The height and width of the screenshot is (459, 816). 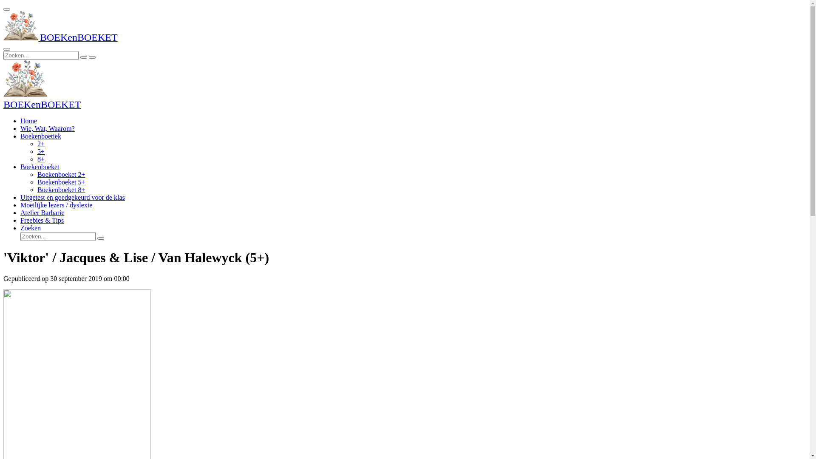 What do you see at coordinates (61, 174) in the screenshot?
I see `'Boekenboeket 2+'` at bounding box center [61, 174].